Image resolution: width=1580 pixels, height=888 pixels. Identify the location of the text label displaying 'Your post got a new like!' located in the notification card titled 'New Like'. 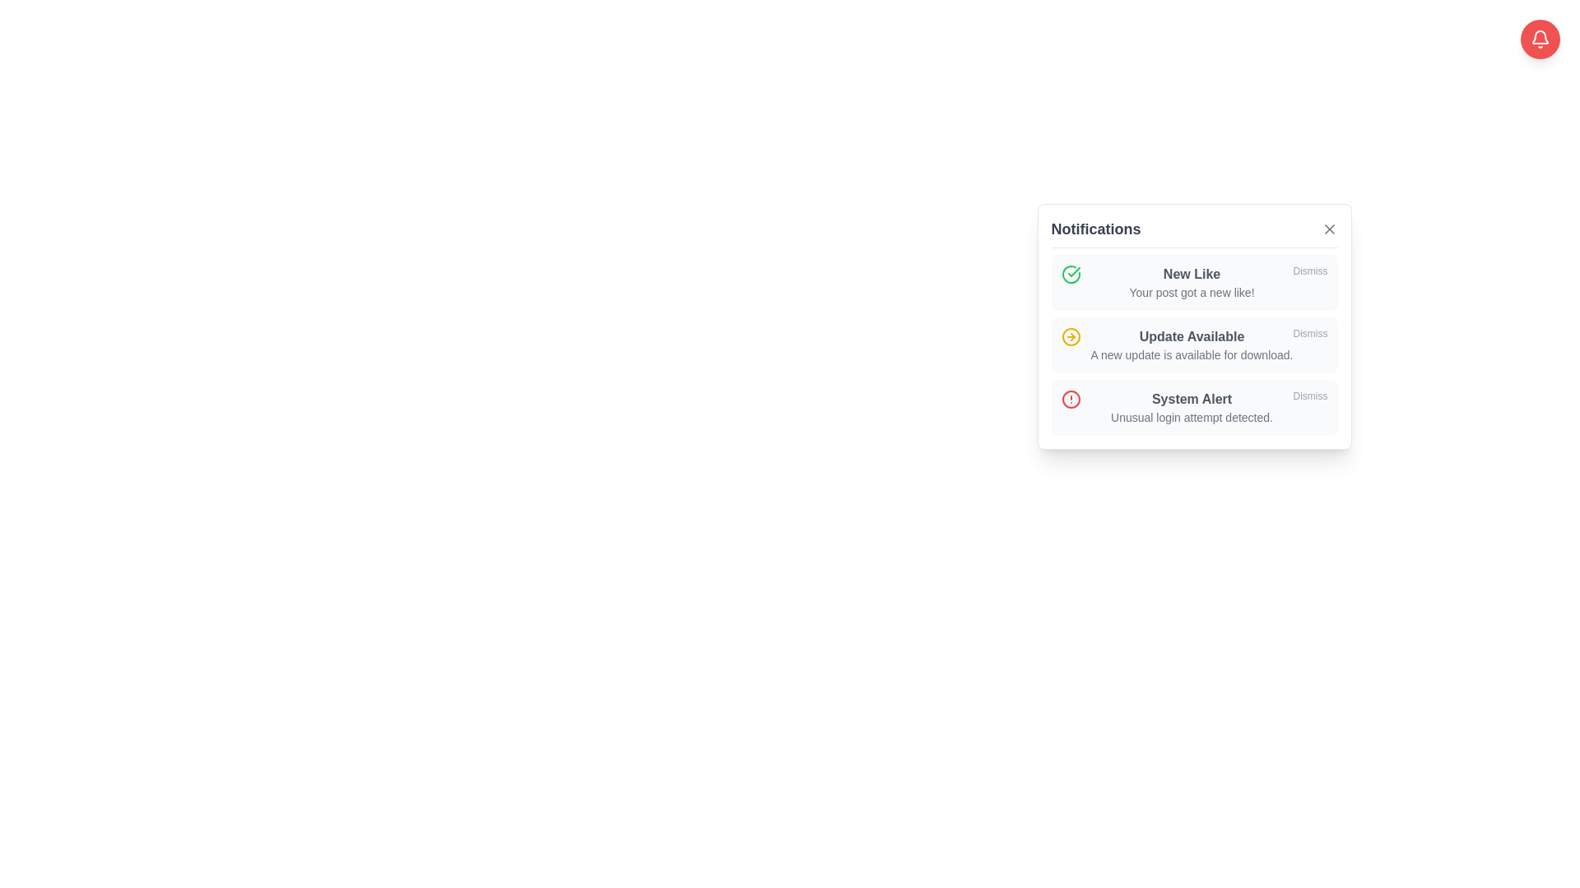
(1192, 291).